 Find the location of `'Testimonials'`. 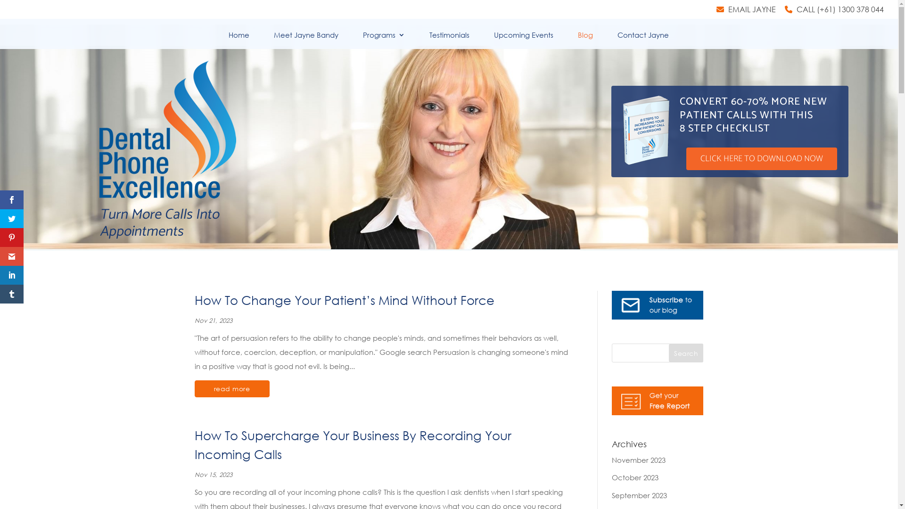

'Testimonials' is located at coordinates (448, 40).